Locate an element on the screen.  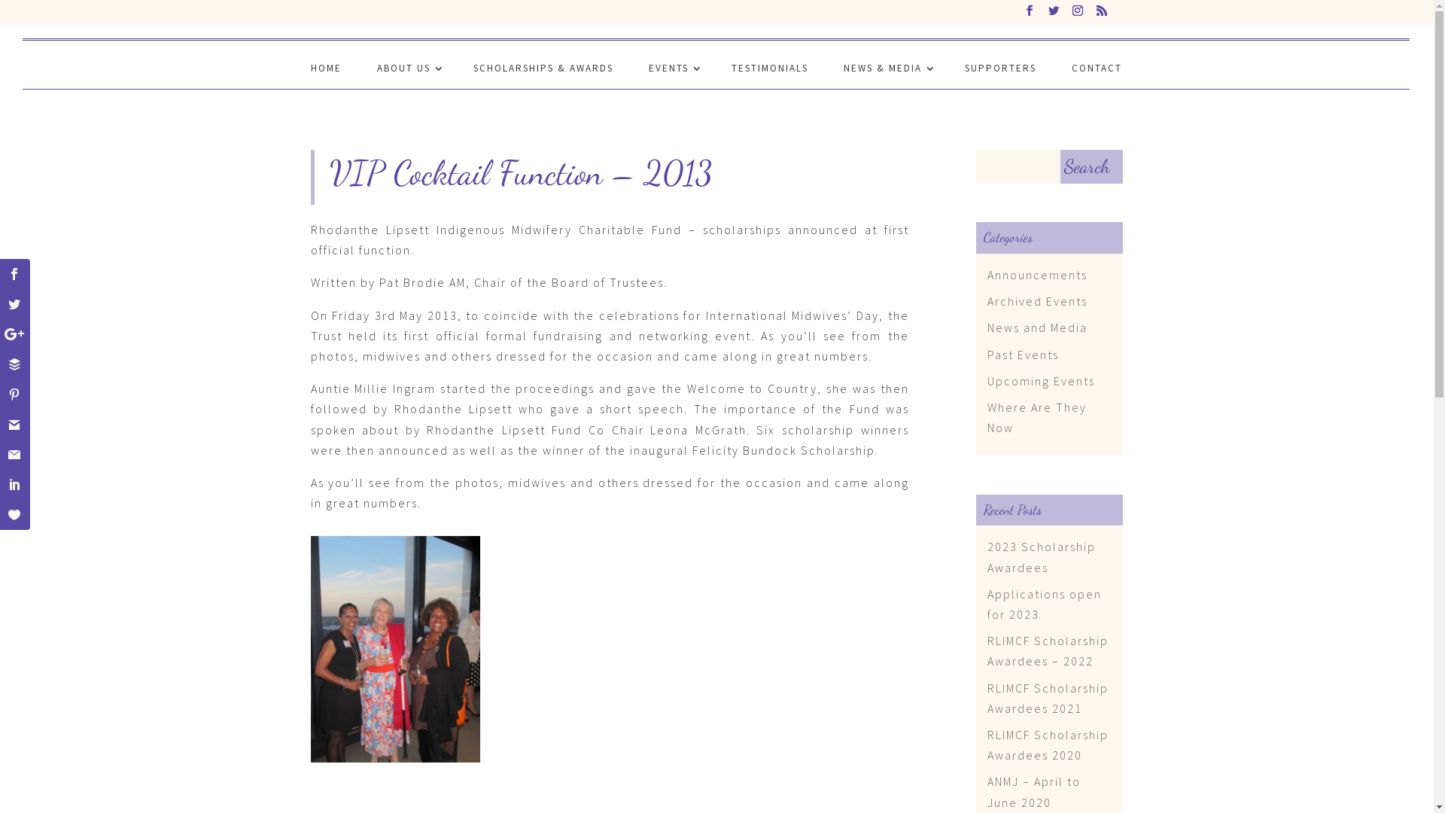
'EVENTS' is located at coordinates (671, 75).